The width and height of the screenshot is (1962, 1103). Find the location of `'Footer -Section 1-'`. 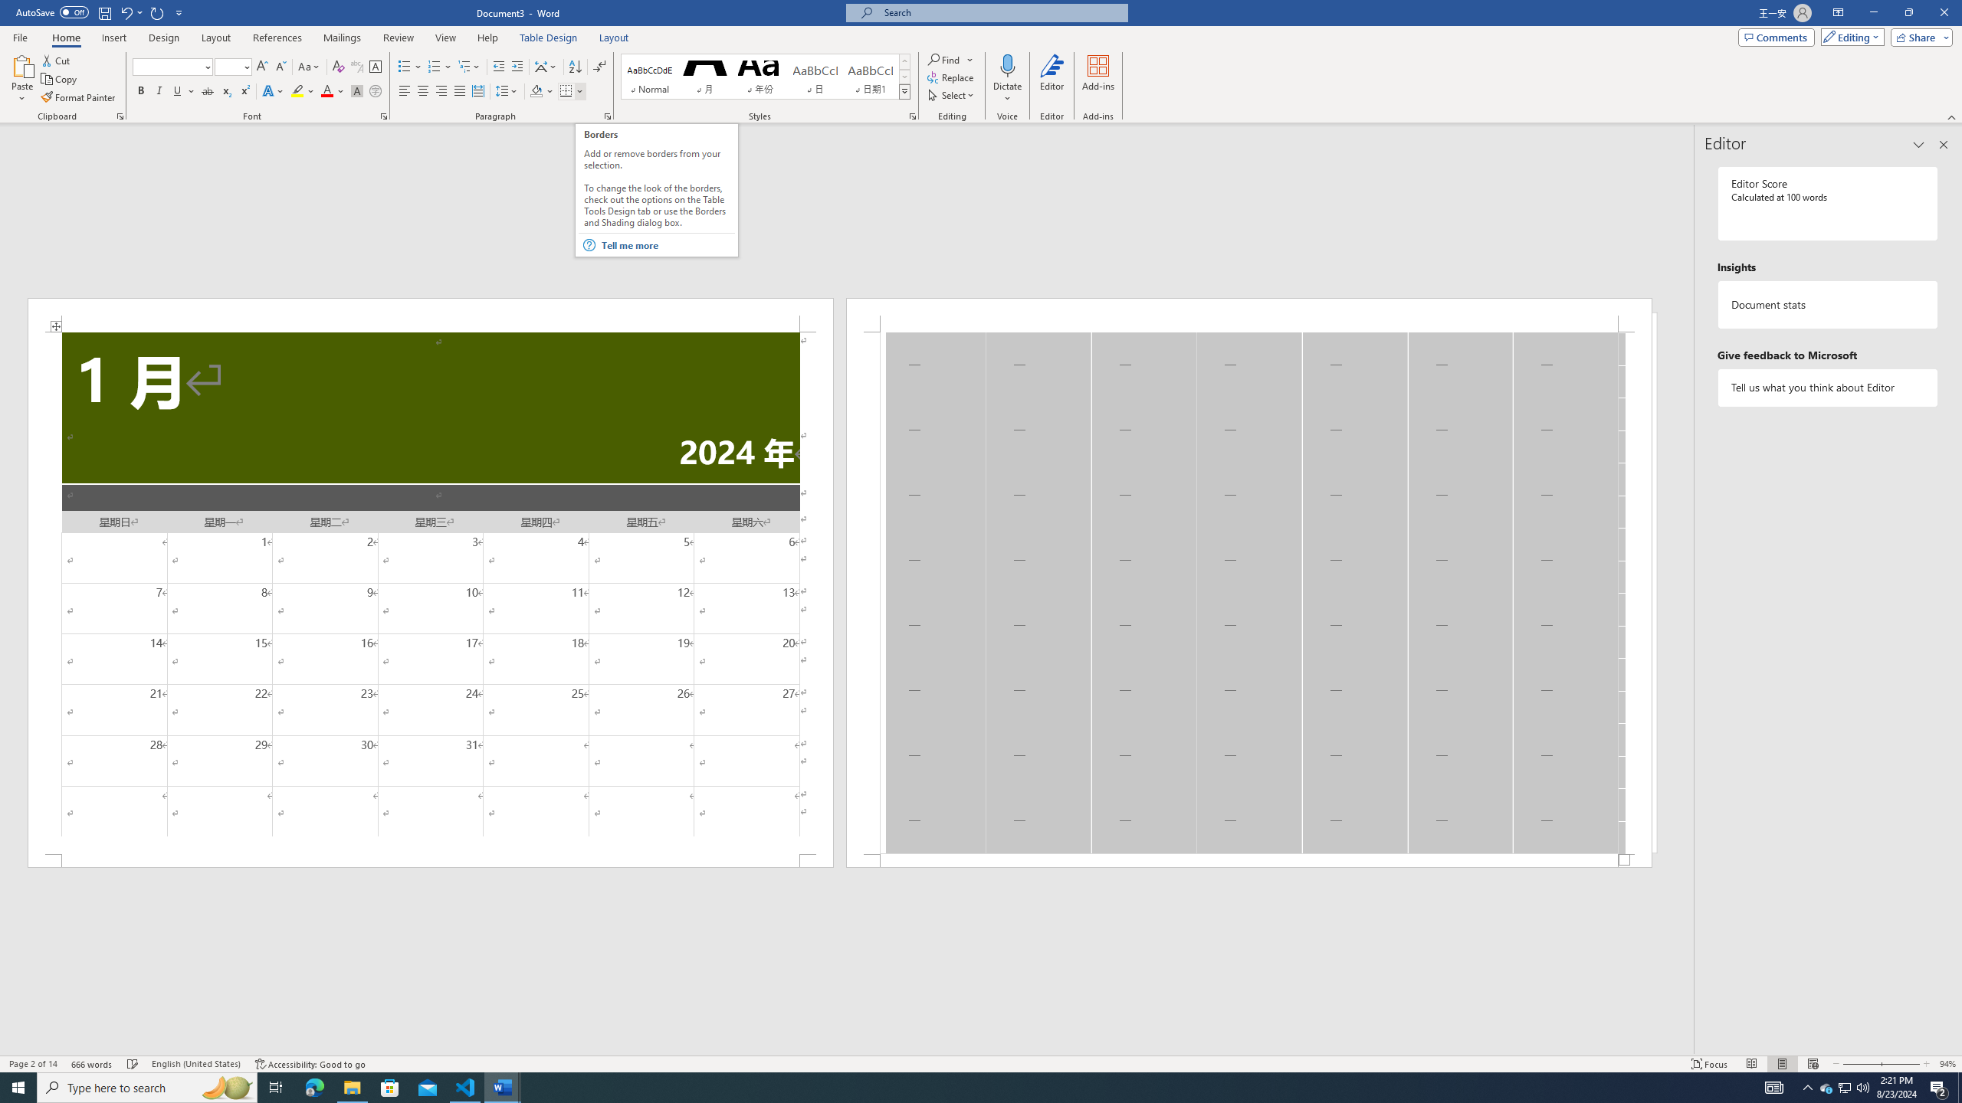

'Footer -Section 1-' is located at coordinates (1248, 859).